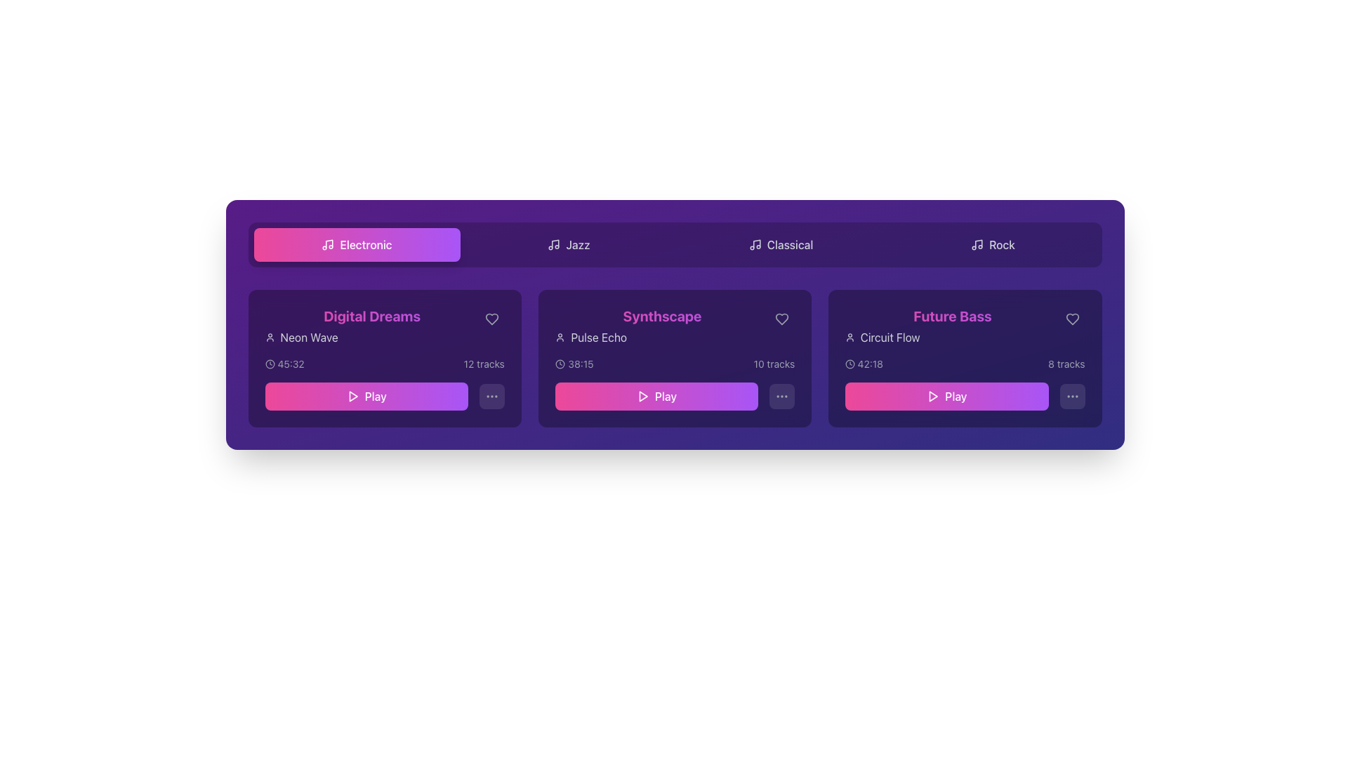 This screenshot has width=1348, height=758. Describe the element at coordinates (773, 364) in the screenshot. I see `Text label indicating the number of tracks available in the 'Synthscape' album, positioned to the right of the duration text '38:15'` at that location.